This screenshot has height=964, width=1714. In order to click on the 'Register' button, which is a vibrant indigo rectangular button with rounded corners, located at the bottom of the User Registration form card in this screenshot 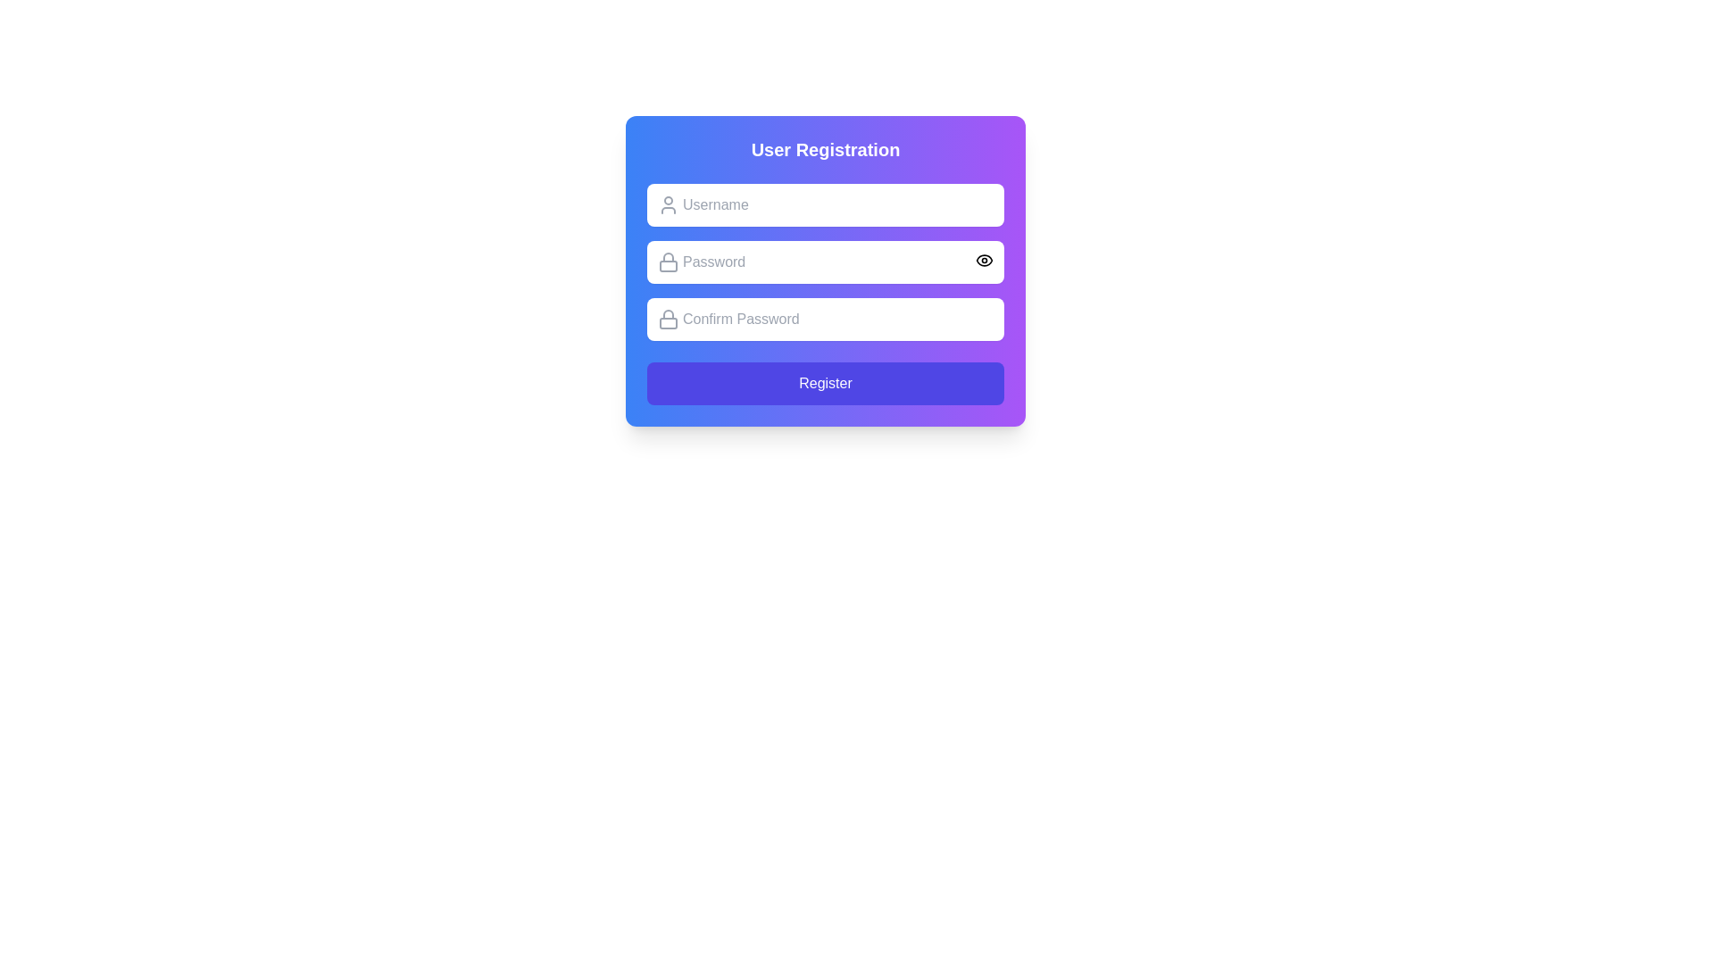, I will do `click(825, 382)`.